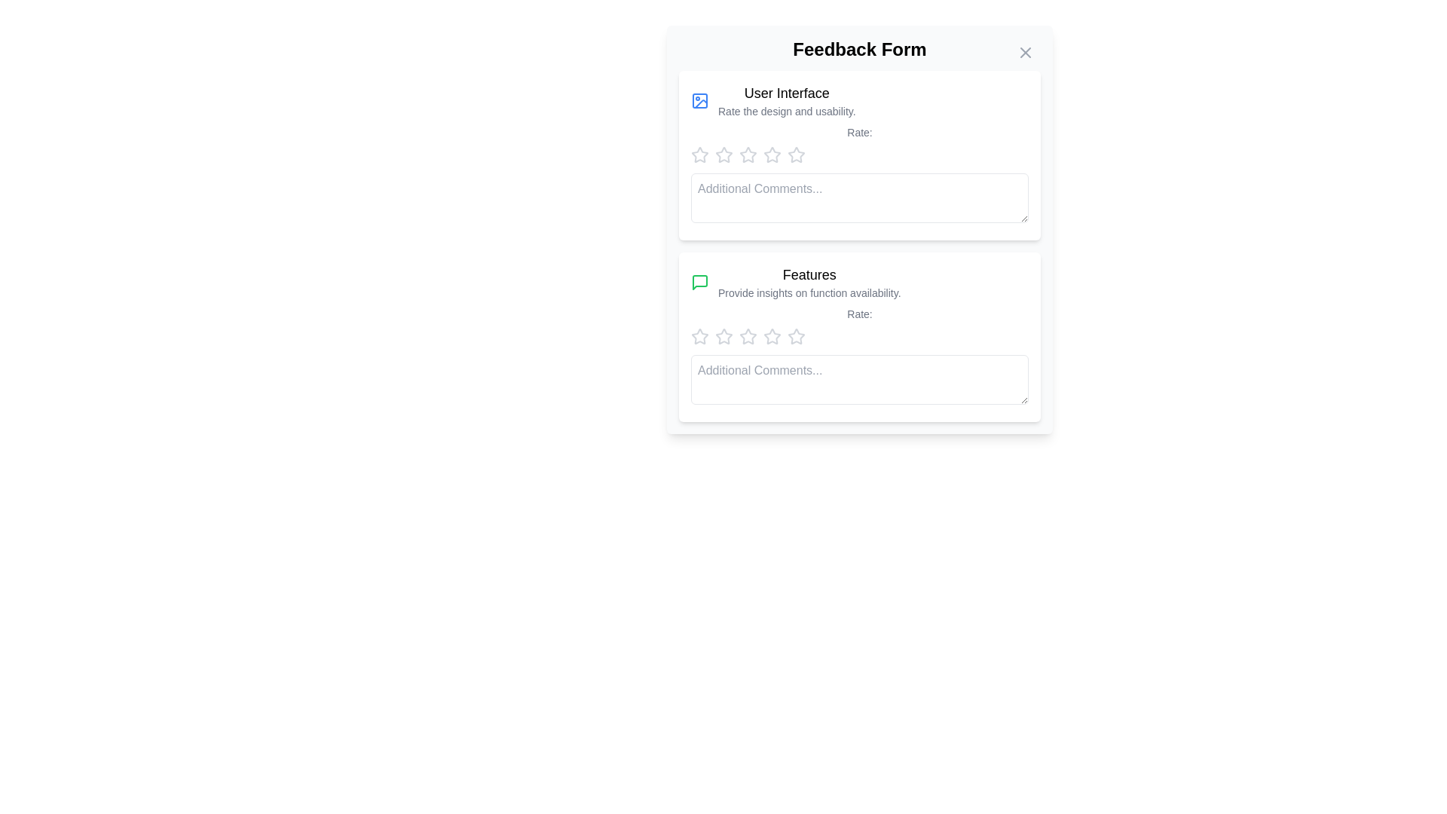  What do you see at coordinates (860, 282) in the screenshot?
I see `the green outlined speech bubble icon in the 'Features' header` at bounding box center [860, 282].